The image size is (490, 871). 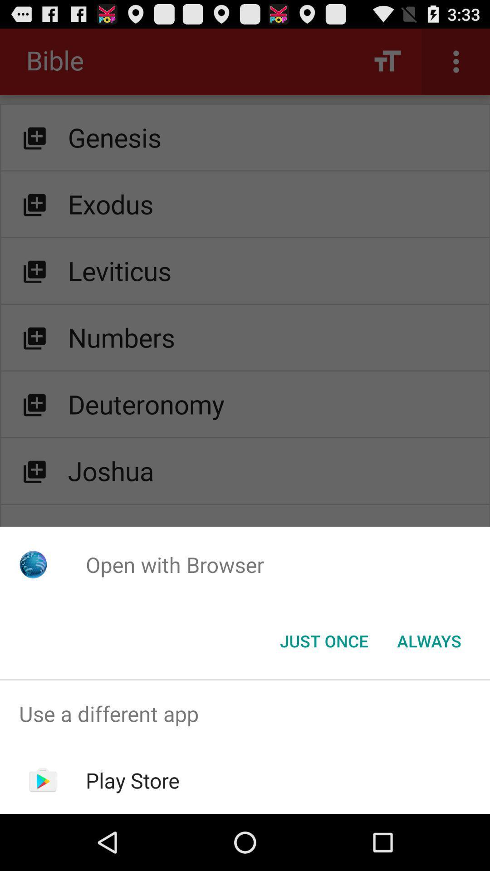 I want to click on the play store item, so click(x=132, y=780).